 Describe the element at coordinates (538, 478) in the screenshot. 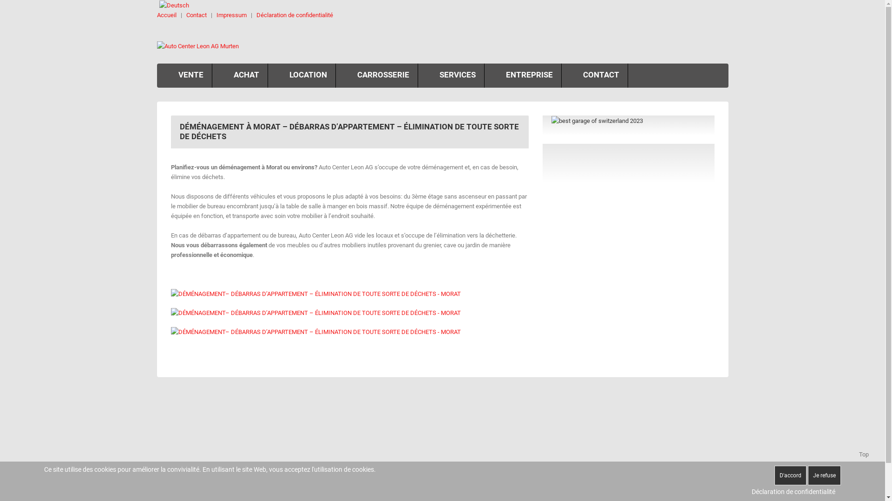

I see `'026 672 21 25'` at that location.